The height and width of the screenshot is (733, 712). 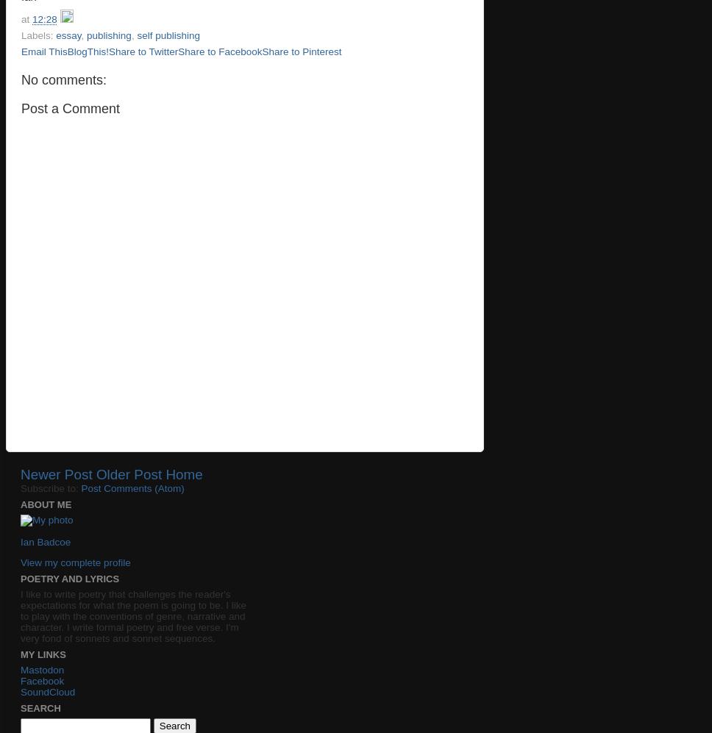 What do you see at coordinates (26, 19) in the screenshot?
I see `'at'` at bounding box center [26, 19].